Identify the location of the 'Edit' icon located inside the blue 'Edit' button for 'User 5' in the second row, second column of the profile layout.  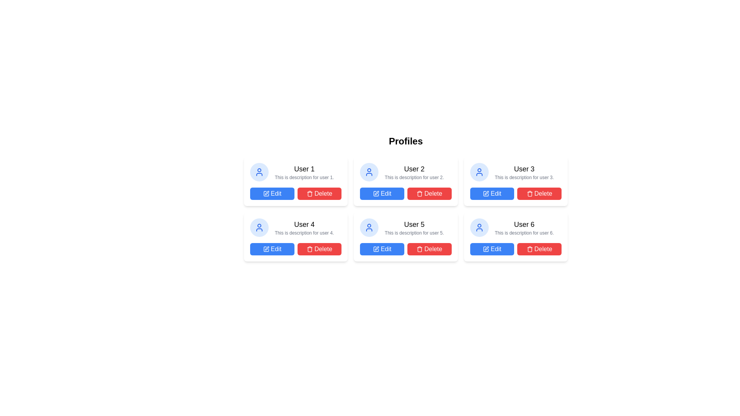
(376, 249).